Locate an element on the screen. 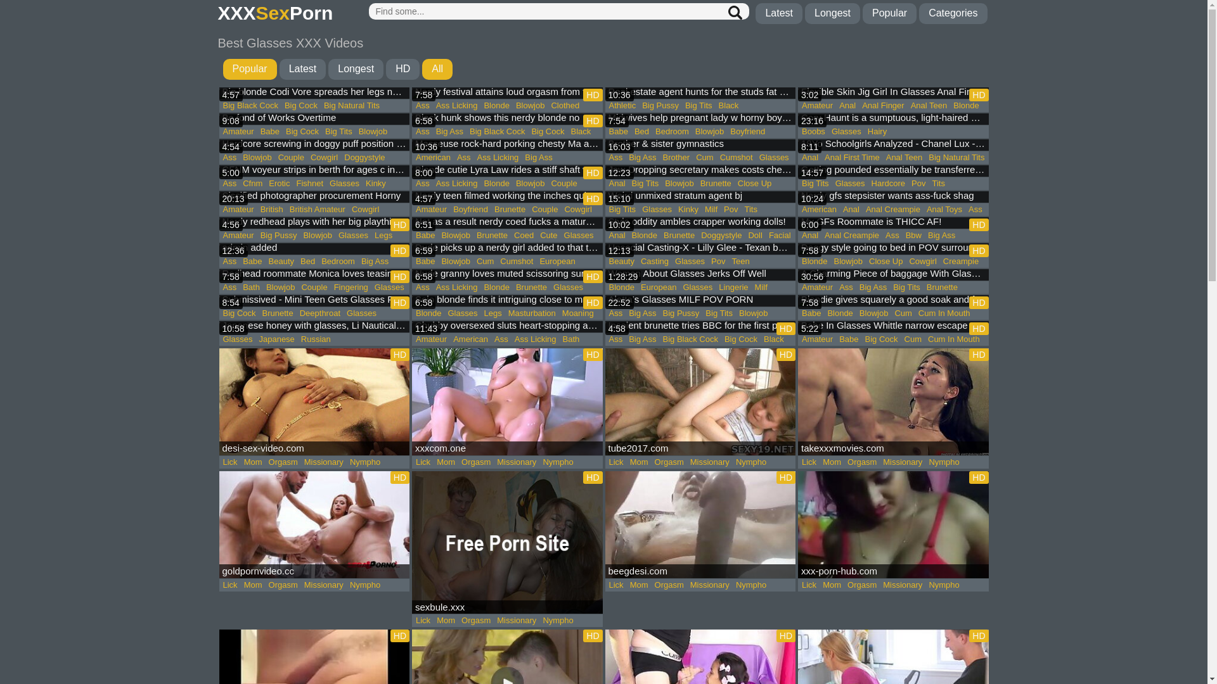 The image size is (1217, 684). 'Cum In Mouth' is located at coordinates (915, 313).